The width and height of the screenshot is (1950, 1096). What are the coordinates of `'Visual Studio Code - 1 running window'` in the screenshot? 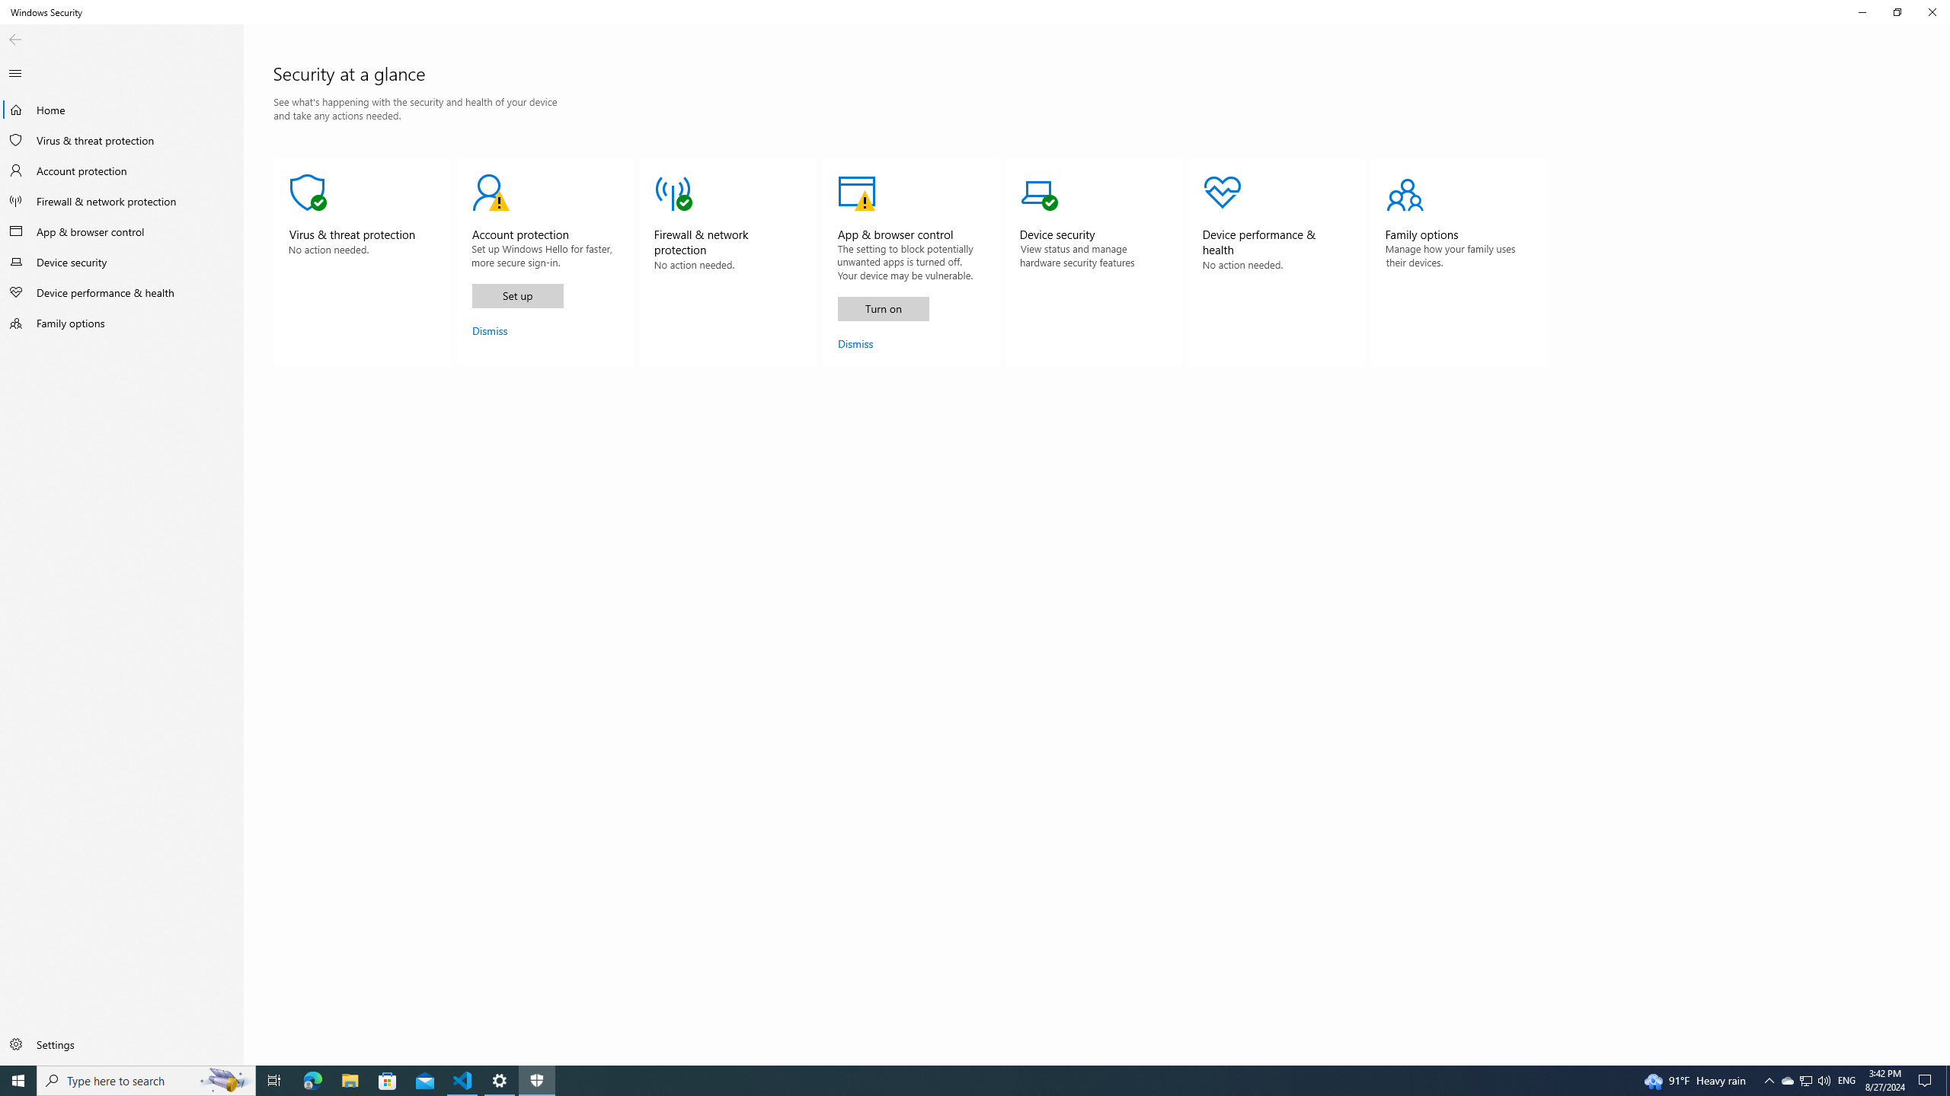 It's located at (462, 1079).